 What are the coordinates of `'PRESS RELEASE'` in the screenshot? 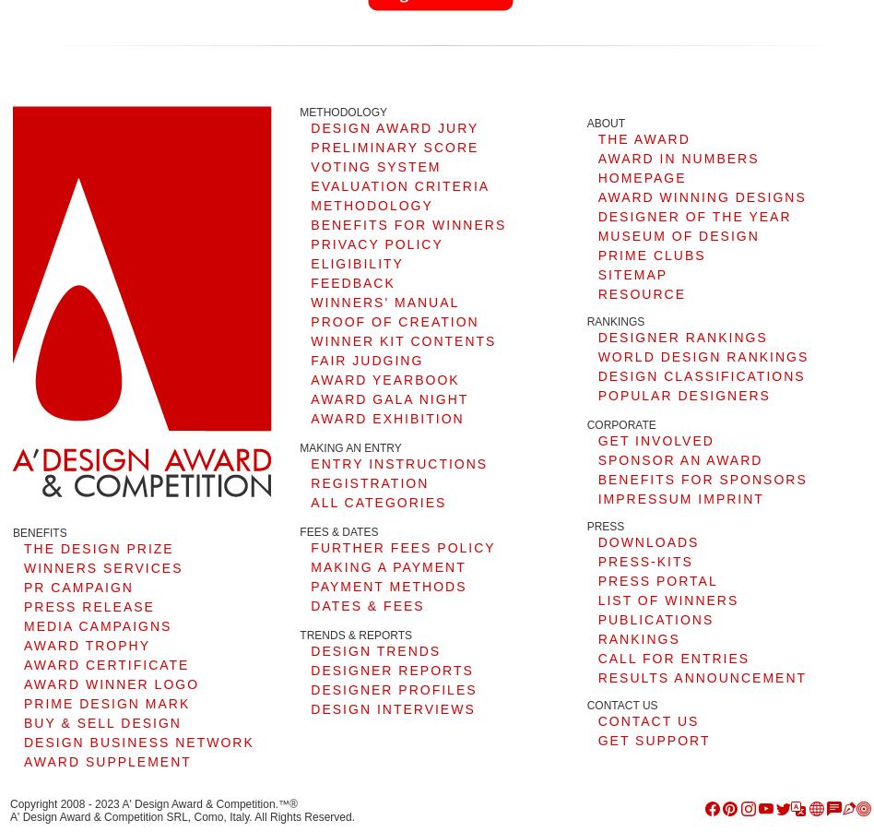 It's located at (89, 605).